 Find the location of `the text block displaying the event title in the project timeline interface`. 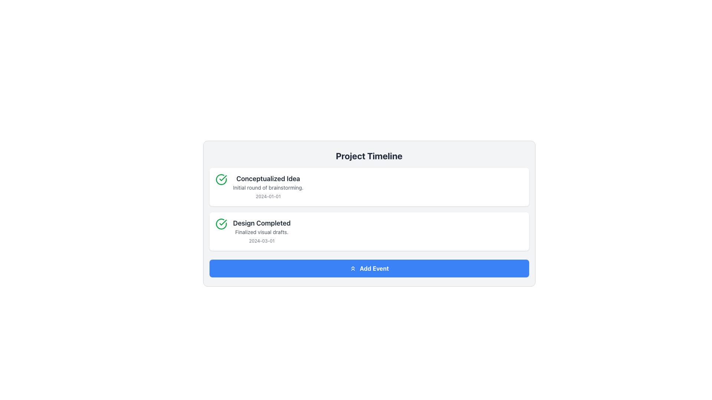

the text block displaying the event title in the project timeline interface is located at coordinates (268, 187).